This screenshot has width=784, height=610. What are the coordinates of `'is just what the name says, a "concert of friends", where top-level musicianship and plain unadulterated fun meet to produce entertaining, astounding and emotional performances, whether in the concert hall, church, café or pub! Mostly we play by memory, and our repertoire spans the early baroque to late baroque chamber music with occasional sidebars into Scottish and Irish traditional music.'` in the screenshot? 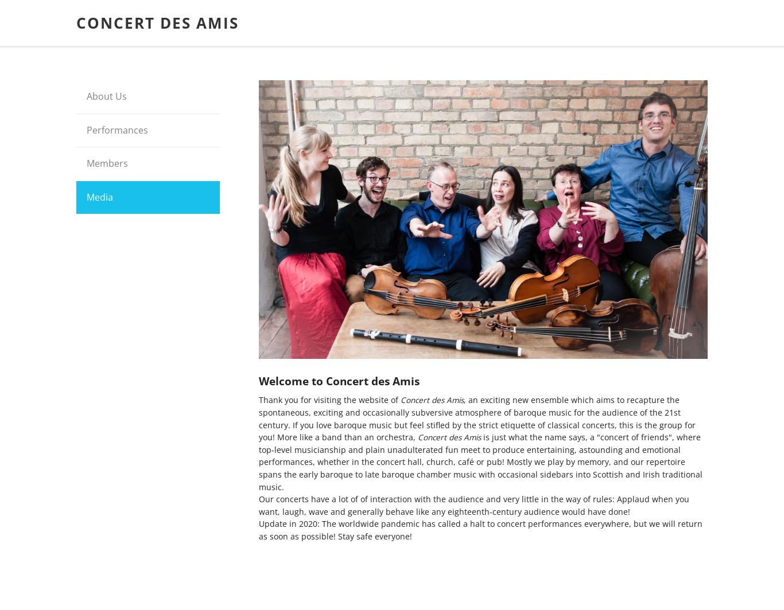 It's located at (480, 462).